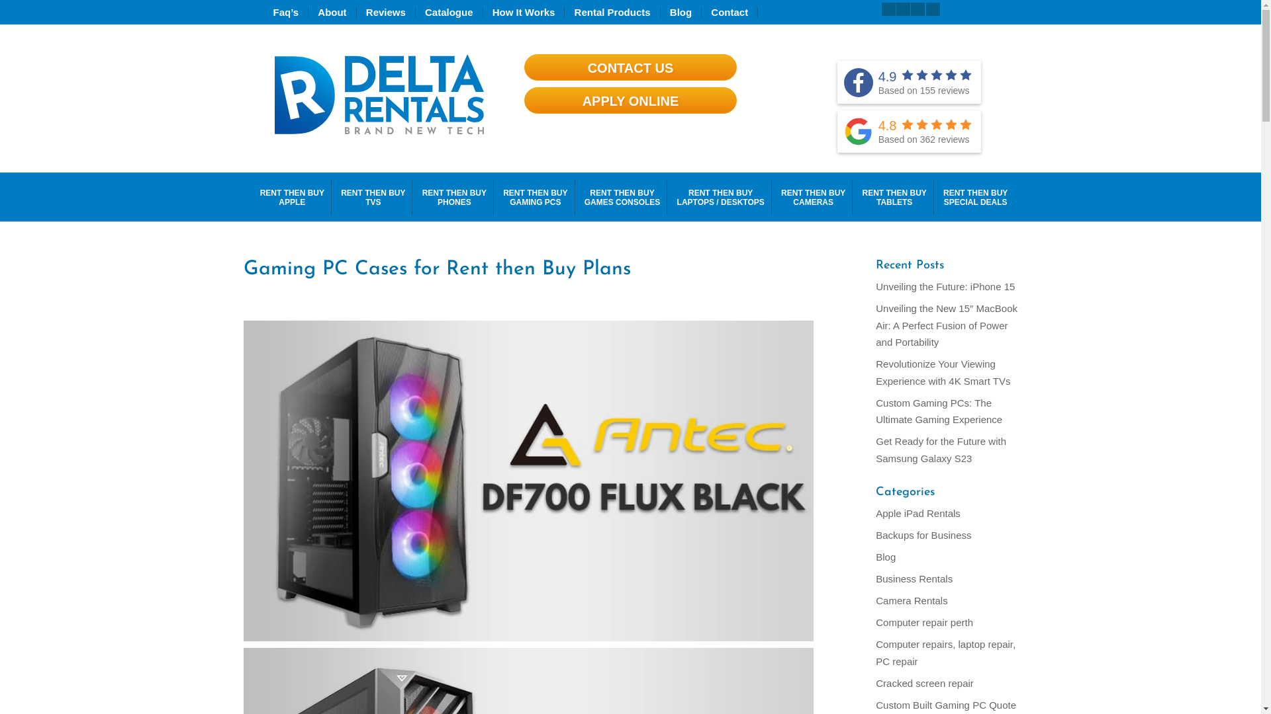 This screenshot has width=1271, height=714. Describe the element at coordinates (535, 198) in the screenshot. I see `'RENT THEN BUY` at that location.